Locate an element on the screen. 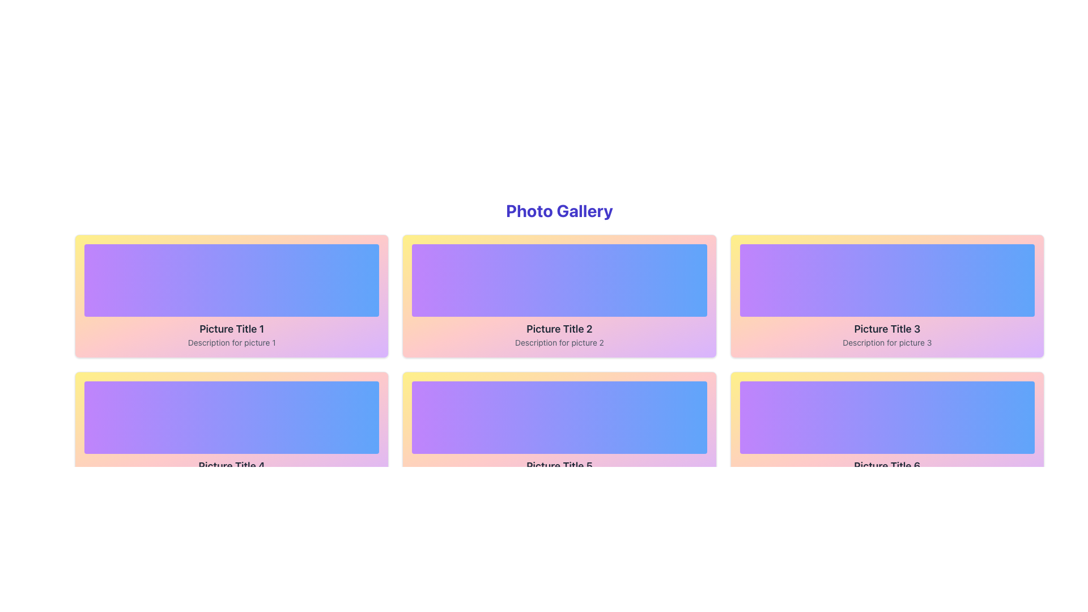  text displayed in the text label titled 'Picture Title 1', which is bold, large, and dark gray, positioned above the description text in a three-row layout is located at coordinates (231, 329).